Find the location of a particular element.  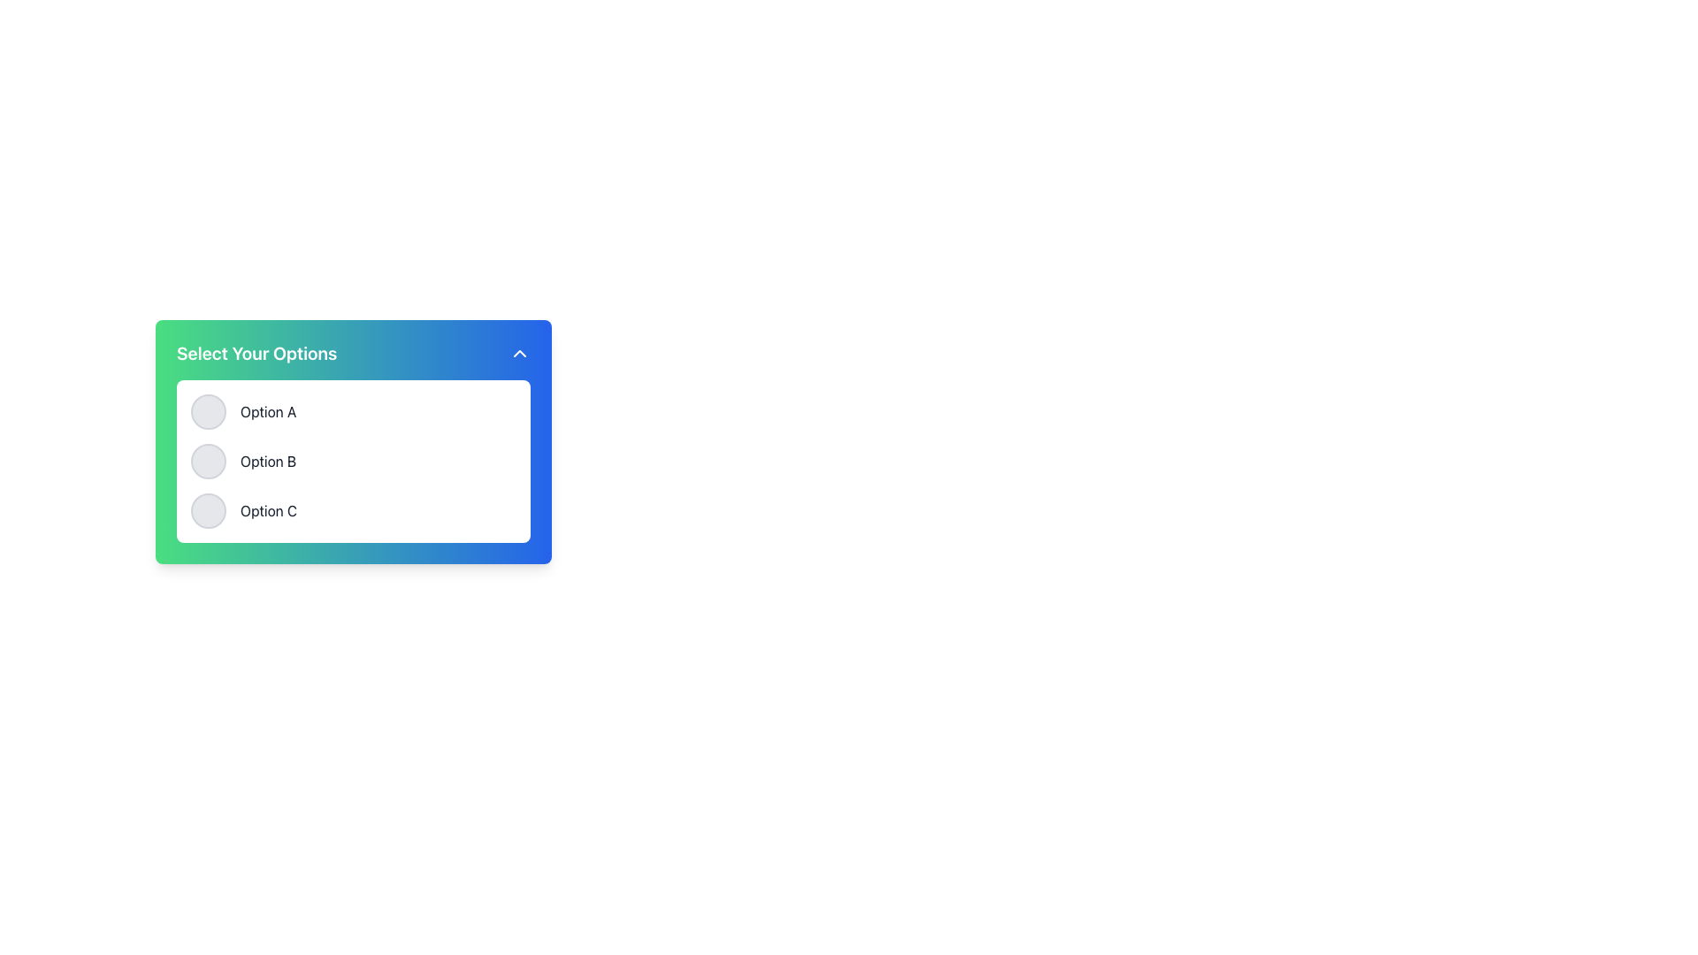

the circular interactive button with a gray background located at the beginning of the row labeled 'Option A' is located at coordinates (208, 412).